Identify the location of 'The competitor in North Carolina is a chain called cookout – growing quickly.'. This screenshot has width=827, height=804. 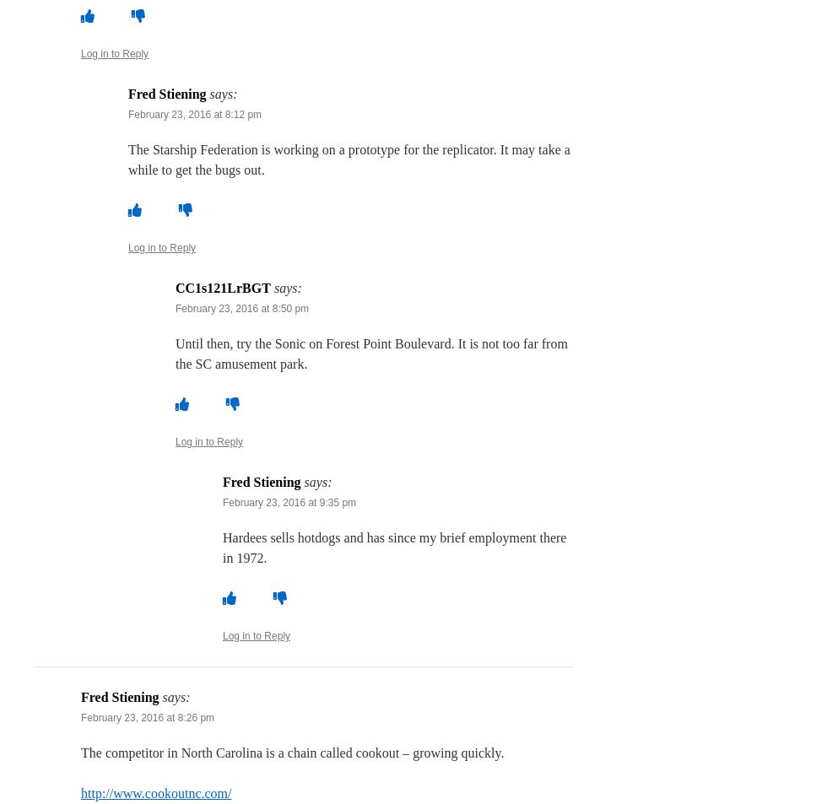
(292, 753).